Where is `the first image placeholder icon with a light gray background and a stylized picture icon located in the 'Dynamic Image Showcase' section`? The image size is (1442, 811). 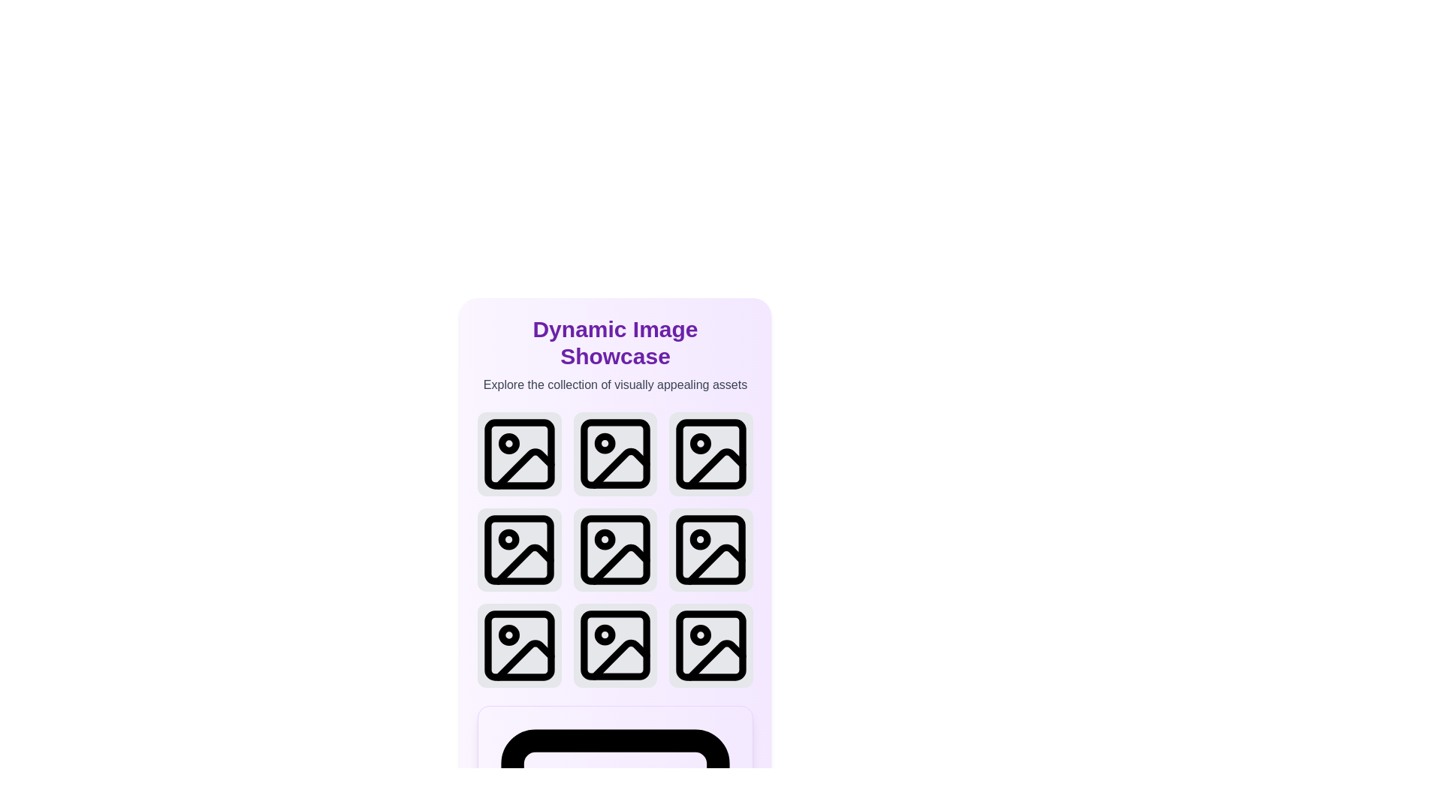 the first image placeholder icon with a light gray background and a stylized picture icon located in the 'Dynamic Image Showcase' section is located at coordinates (519, 453).